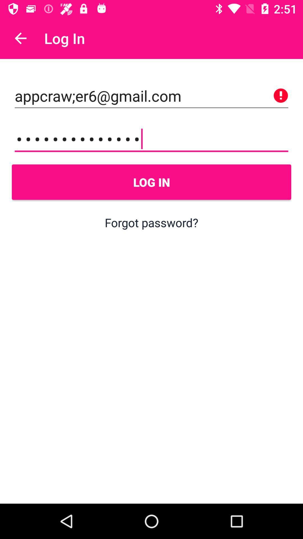  Describe the element at coordinates (20, 38) in the screenshot. I see `icon next to log in` at that location.